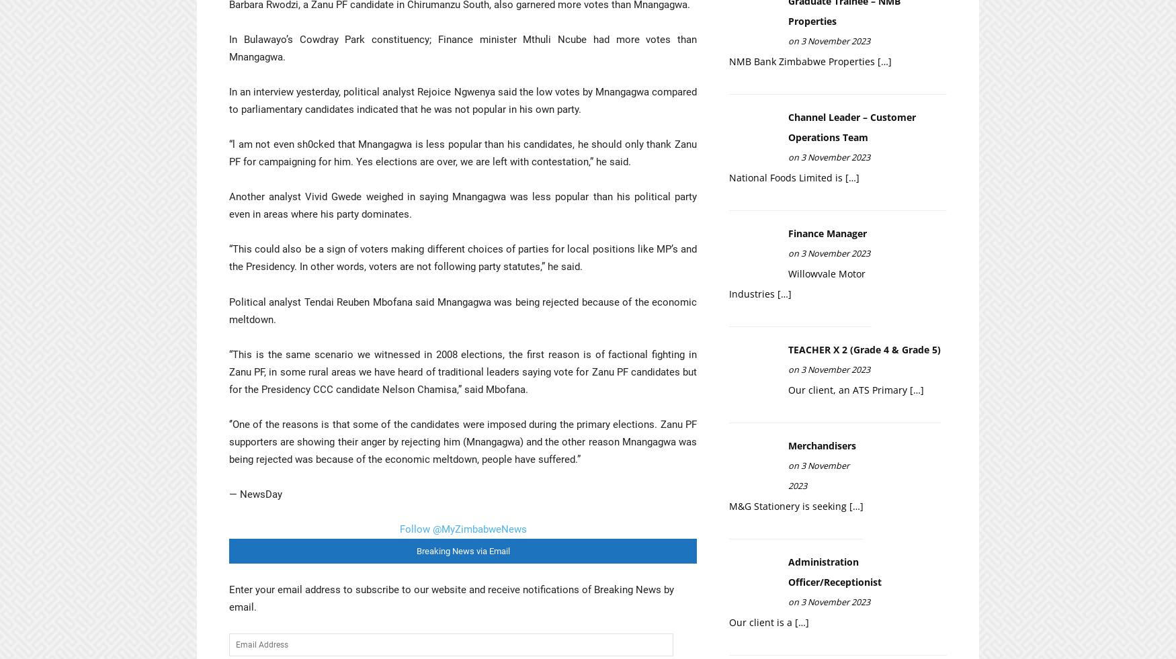 The width and height of the screenshot is (1176, 659). I want to click on 'In an interview yesterday, political analyst Rejoice Ngwenya said the low votes by Mnangagwa compared to parliamentary candidates indicated that he was not popular in his own party.', so click(462, 99).